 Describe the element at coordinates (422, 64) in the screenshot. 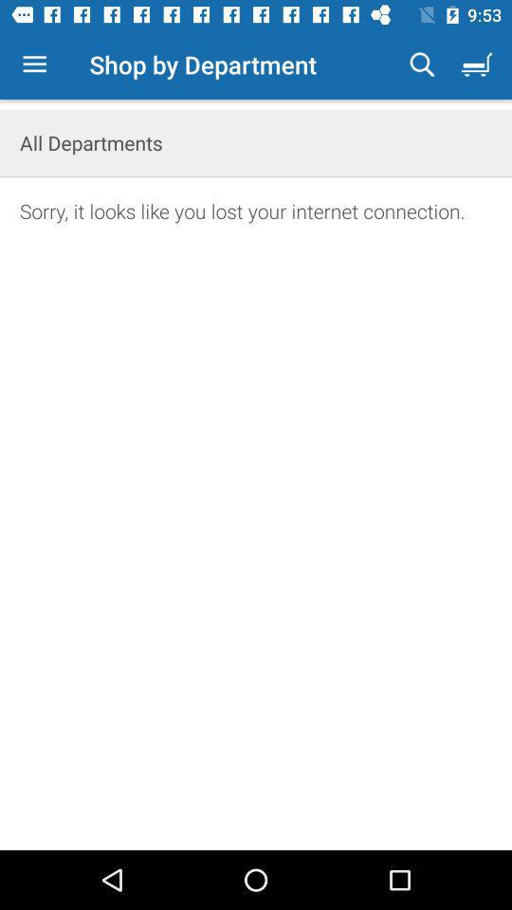

I see `item to the right of the shop by department icon` at that location.